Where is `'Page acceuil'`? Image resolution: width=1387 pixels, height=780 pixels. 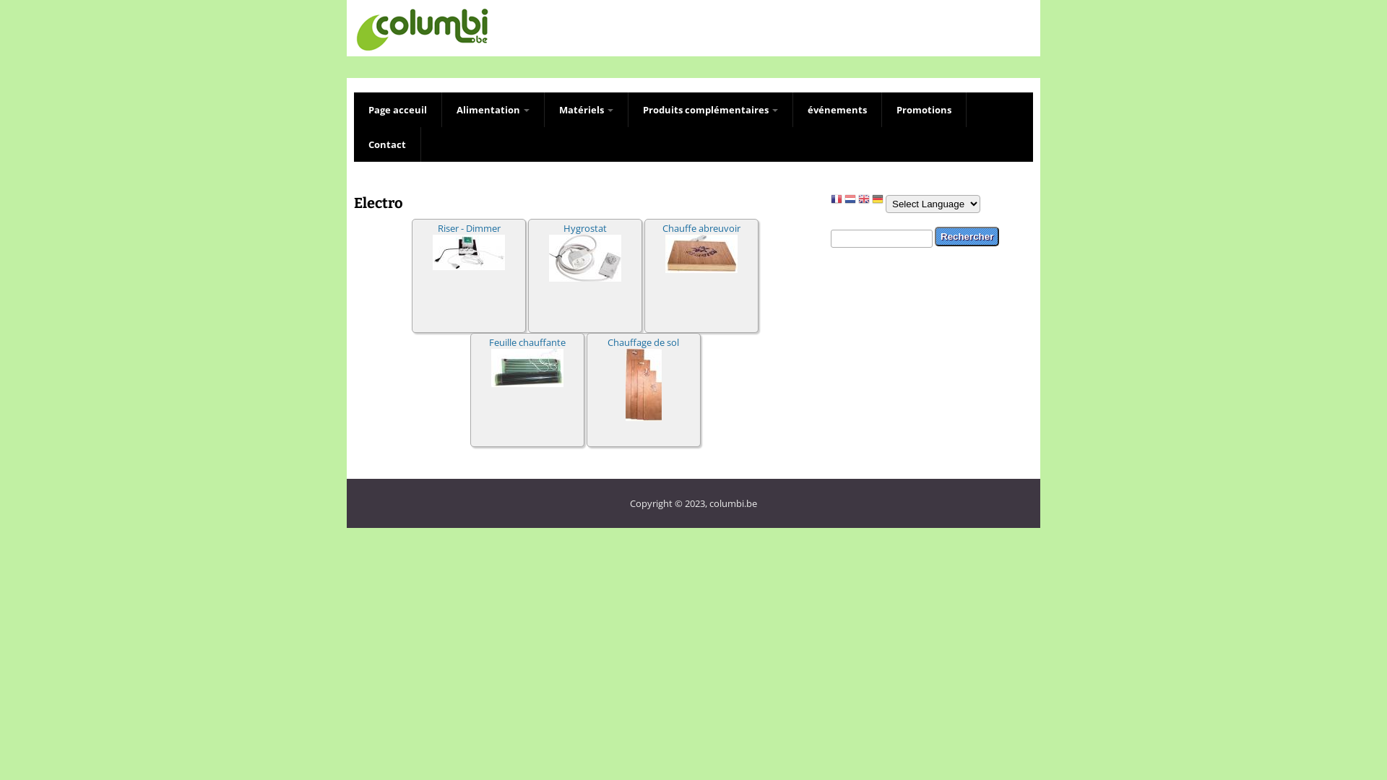 'Page acceuil' is located at coordinates (353, 108).